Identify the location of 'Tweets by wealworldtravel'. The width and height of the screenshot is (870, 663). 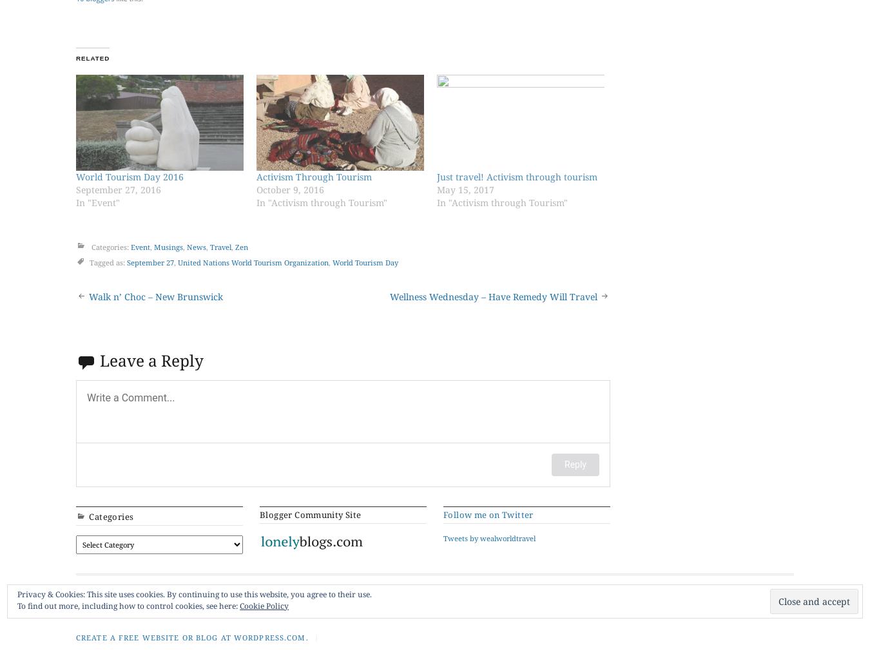
(488, 537).